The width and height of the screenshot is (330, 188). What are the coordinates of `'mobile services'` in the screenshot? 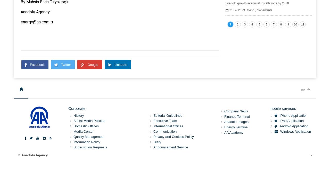 It's located at (282, 108).